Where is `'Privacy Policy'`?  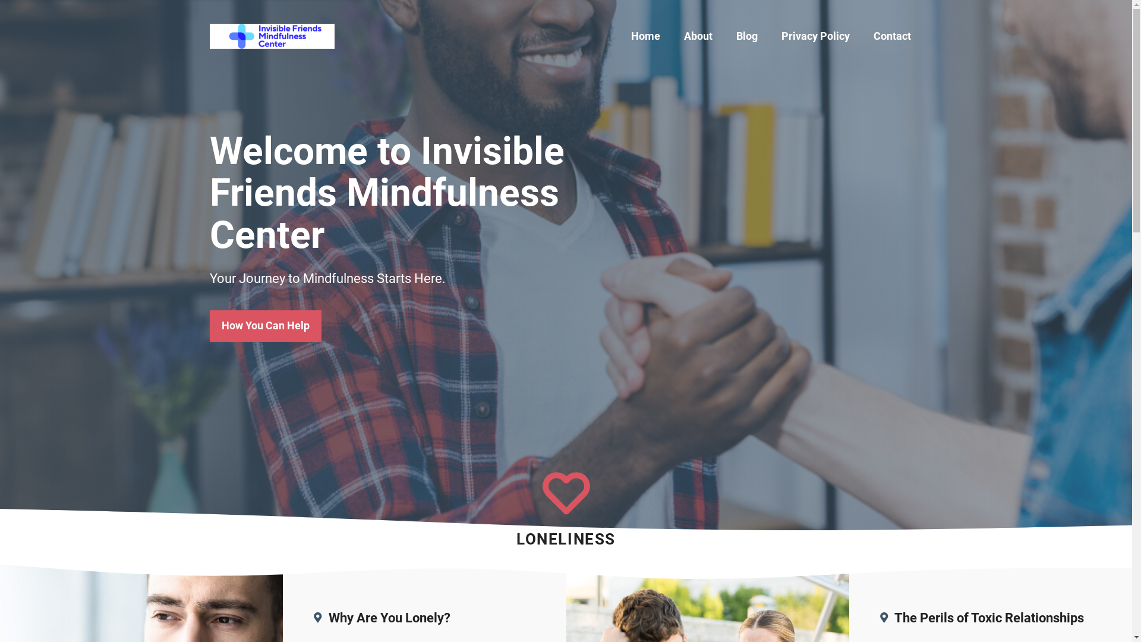 'Privacy Policy' is located at coordinates (814, 36).